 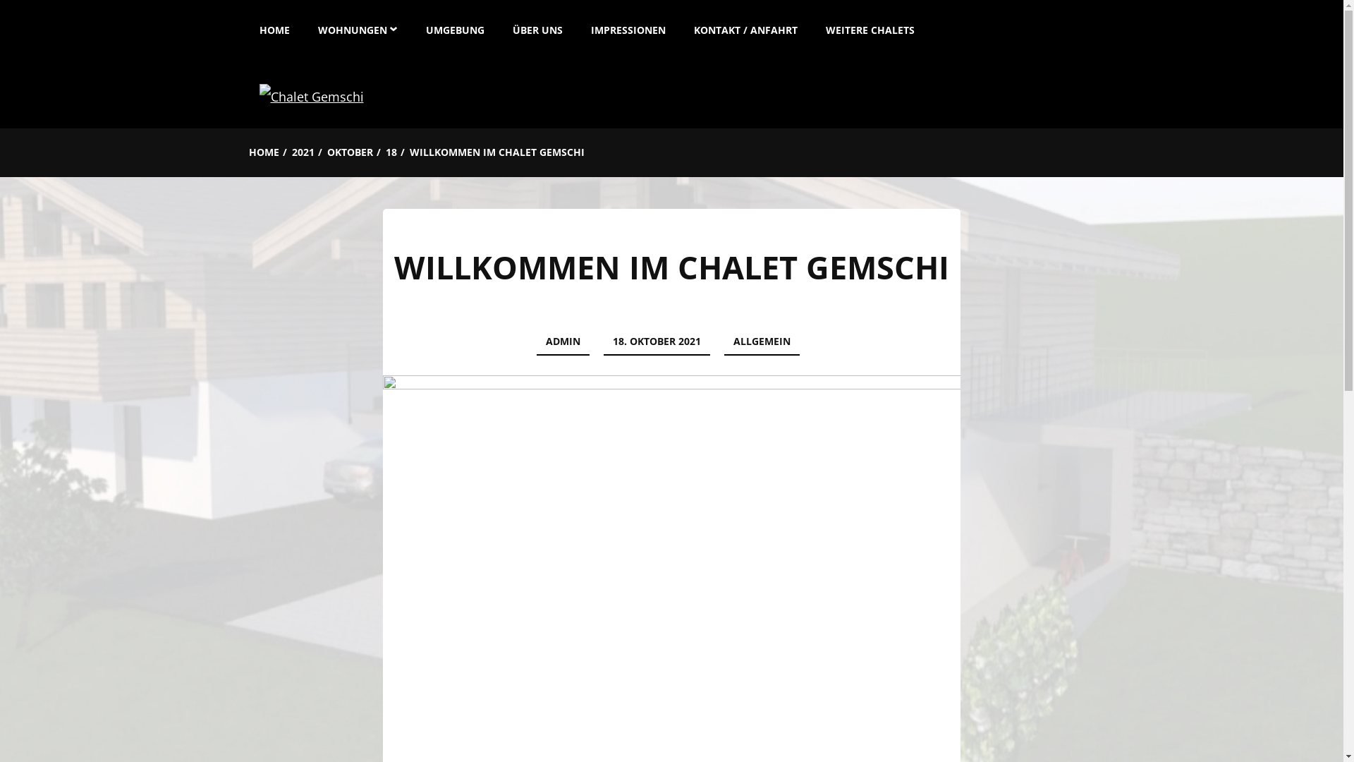 What do you see at coordinates (390, 152) in the screenshot?
I see `'18'` at bounding box center [390, 152].